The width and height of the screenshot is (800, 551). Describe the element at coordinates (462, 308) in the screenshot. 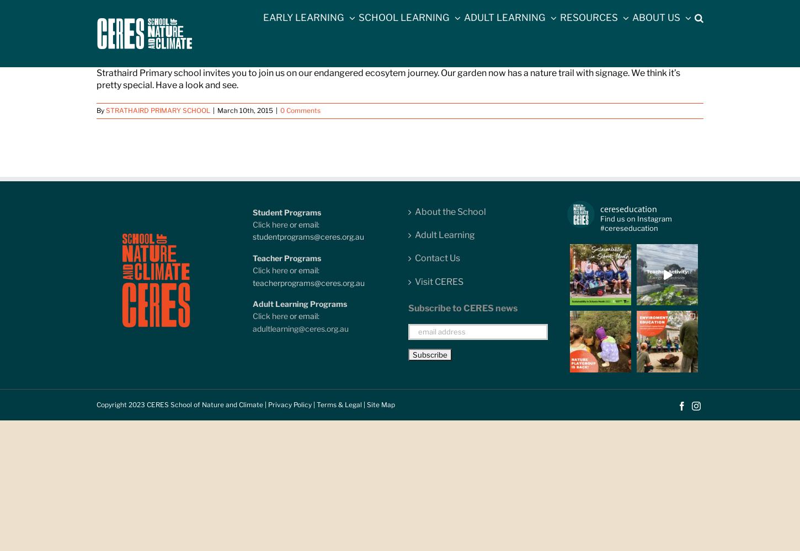

I see `'Subscribe to CERES news'` at that location.